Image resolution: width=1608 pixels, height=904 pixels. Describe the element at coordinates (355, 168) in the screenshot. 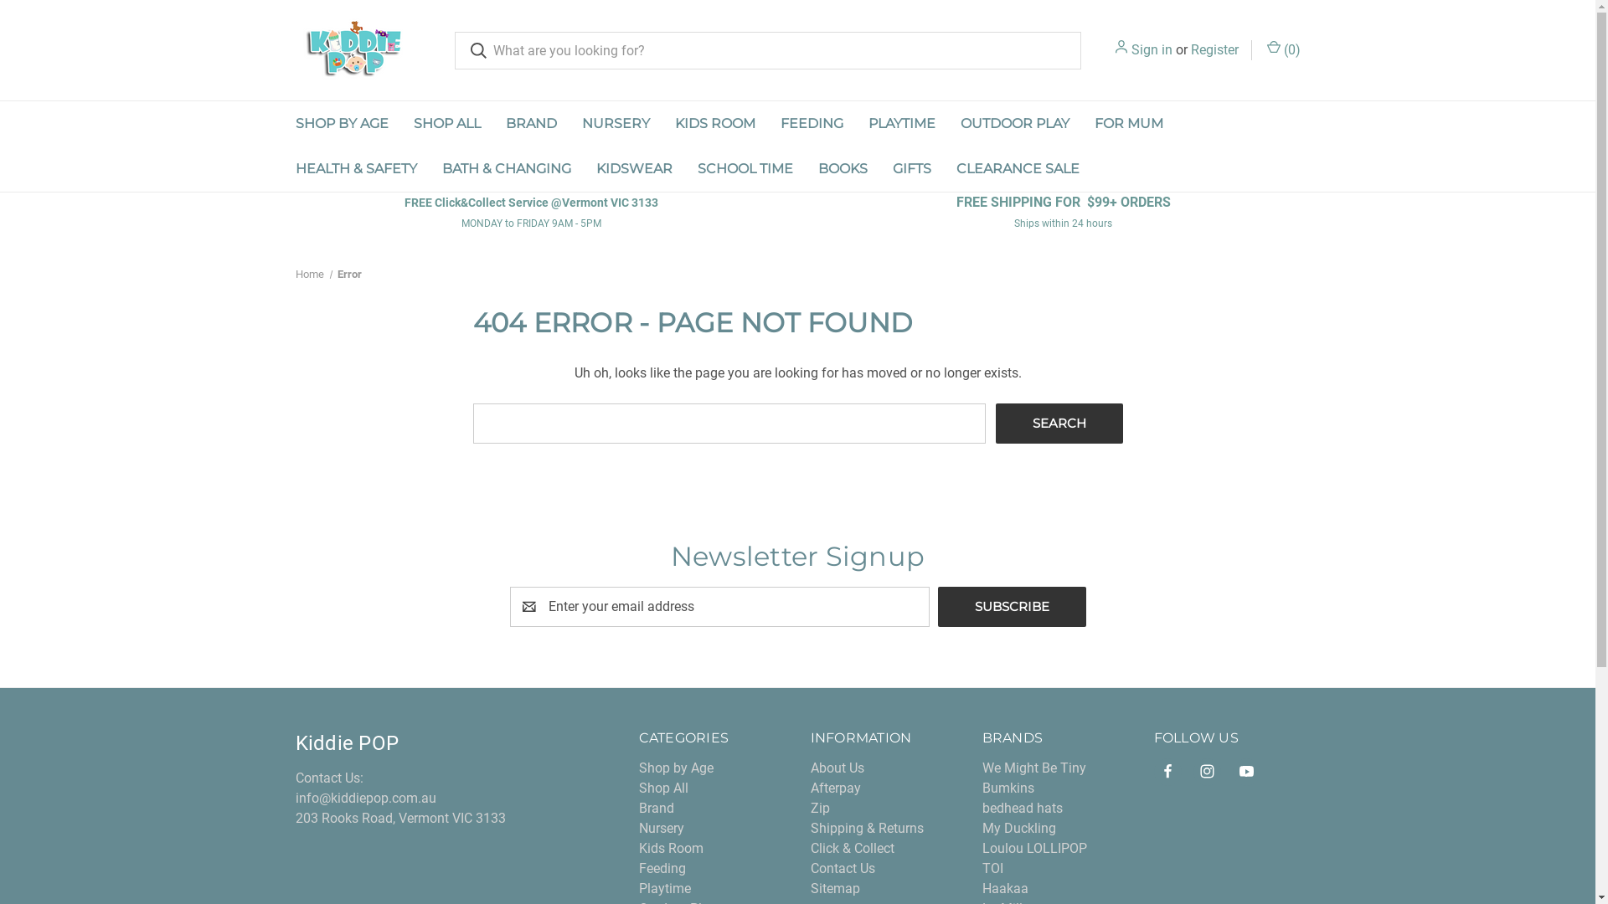

I see `'HEALTH & SAFETY'` at that location.